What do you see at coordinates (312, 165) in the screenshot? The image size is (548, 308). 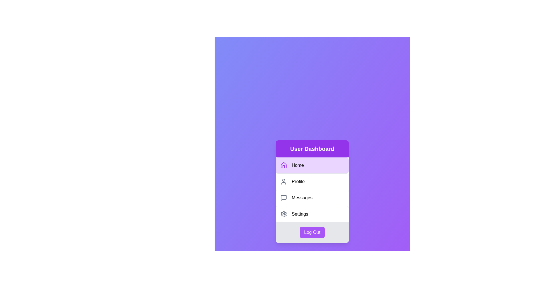 I see `the menu item labeled Home` at bounding box center [312, 165].